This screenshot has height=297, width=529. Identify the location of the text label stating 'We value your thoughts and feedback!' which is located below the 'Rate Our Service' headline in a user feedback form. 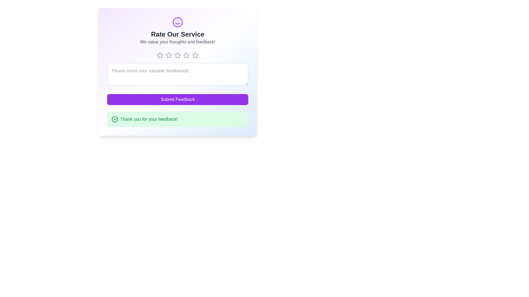
(177, 42).